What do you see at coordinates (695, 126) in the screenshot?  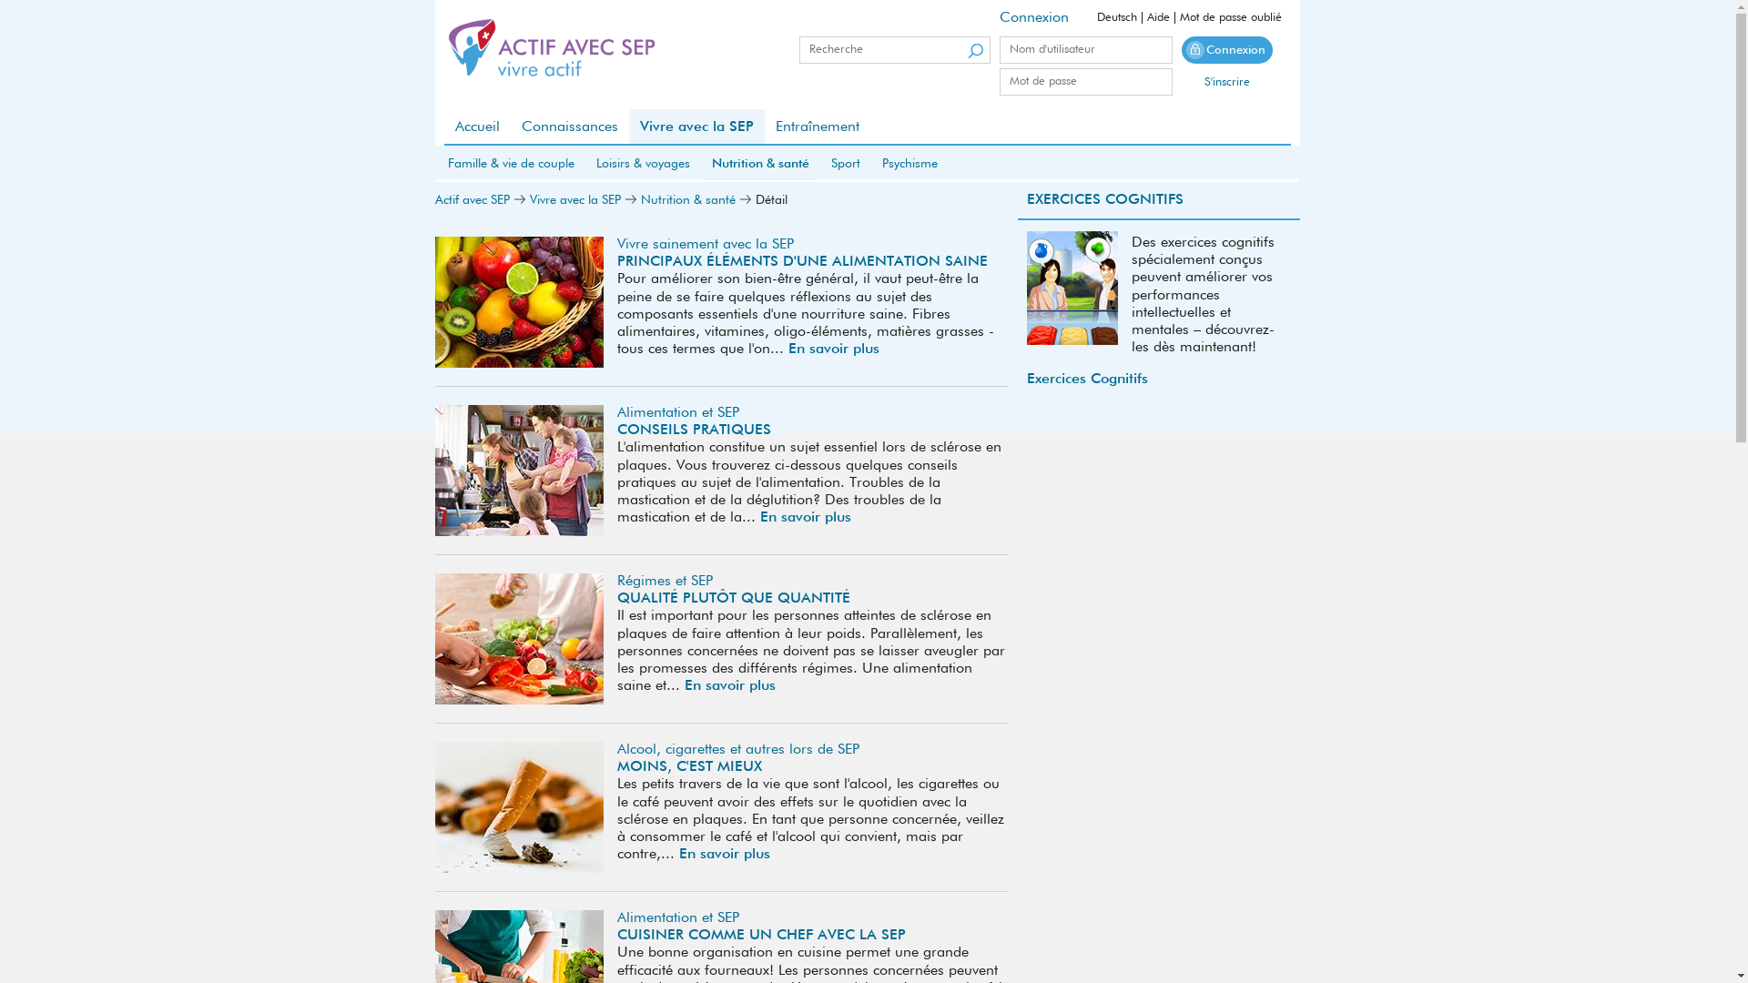 I see `'Vivre avec la SEP'` at bounding box center [695, 126].